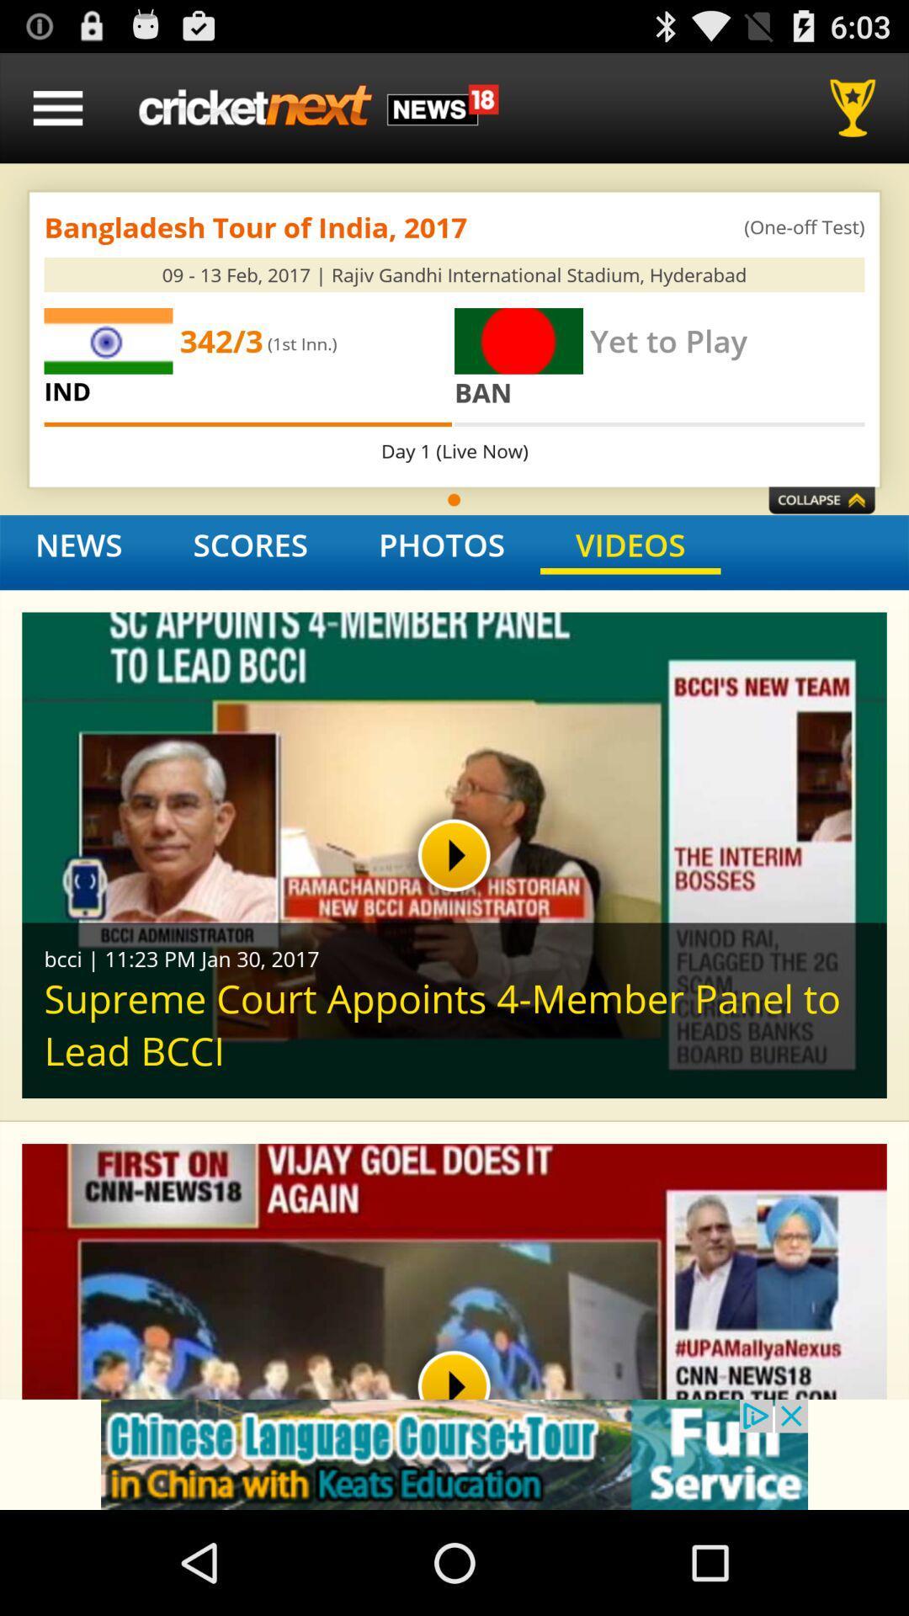 This screenshot has height=1616, width=909. What do you see at coordinates (858, 107) in the screenshot?
I see `search botton` at bounding box center [858, 107].